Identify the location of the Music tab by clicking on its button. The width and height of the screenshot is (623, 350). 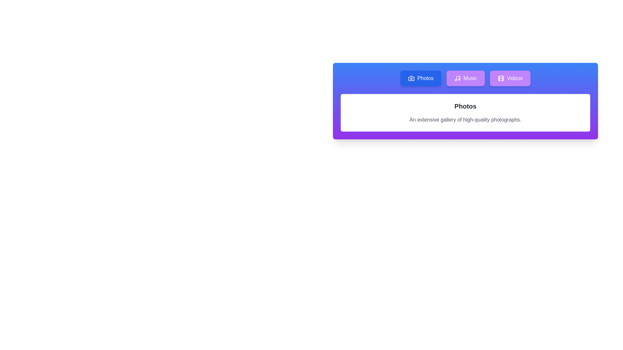
(465, 78).